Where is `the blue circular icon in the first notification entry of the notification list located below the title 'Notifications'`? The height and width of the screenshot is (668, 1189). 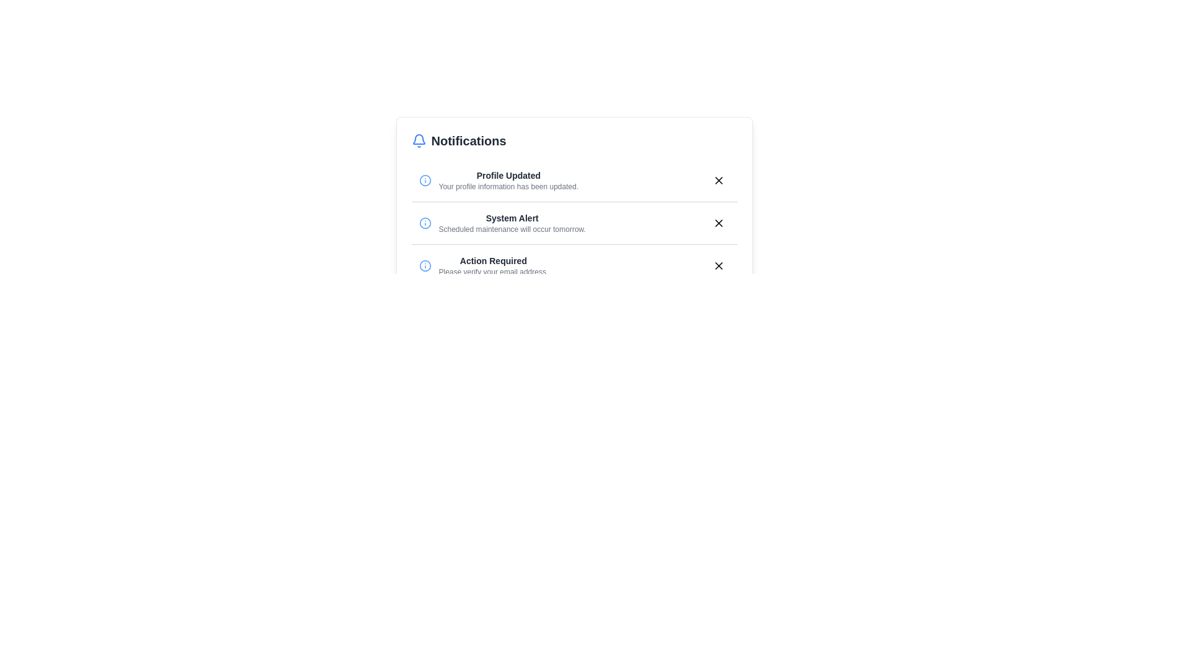 the blue circular icon in the first notification entry of the notification list located below the title 'Notifications' is located at coordinates (425, 181).